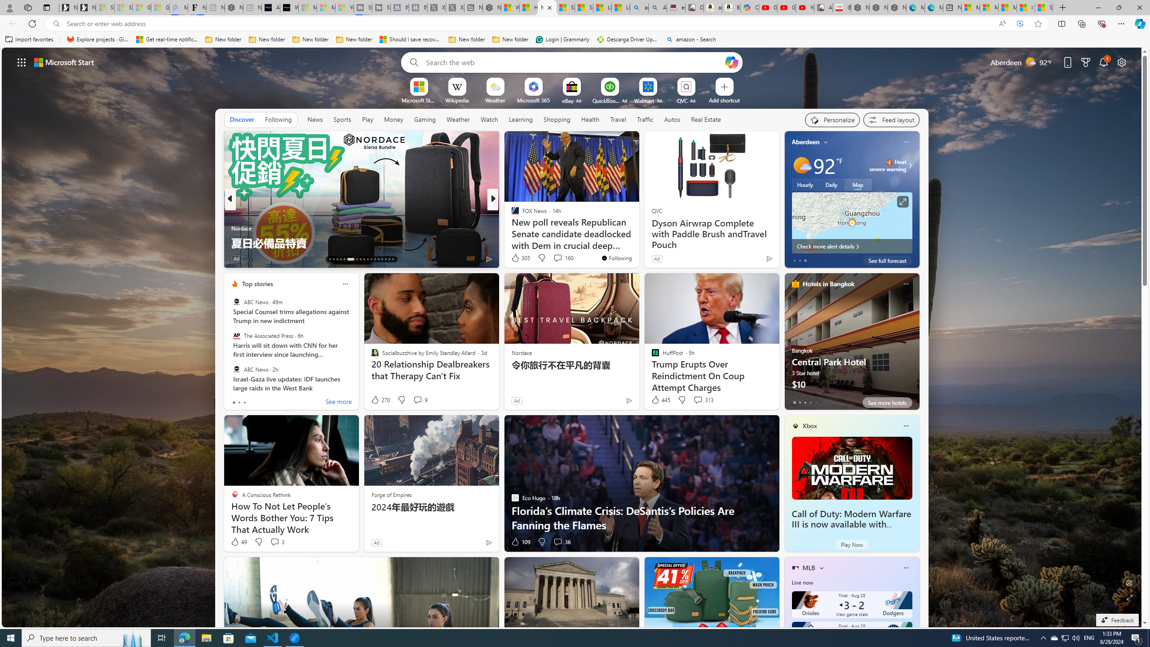  Describe the element at coordinates (555, 258) in the screenshot. I see `'View comments 6 Comment'` at that location.